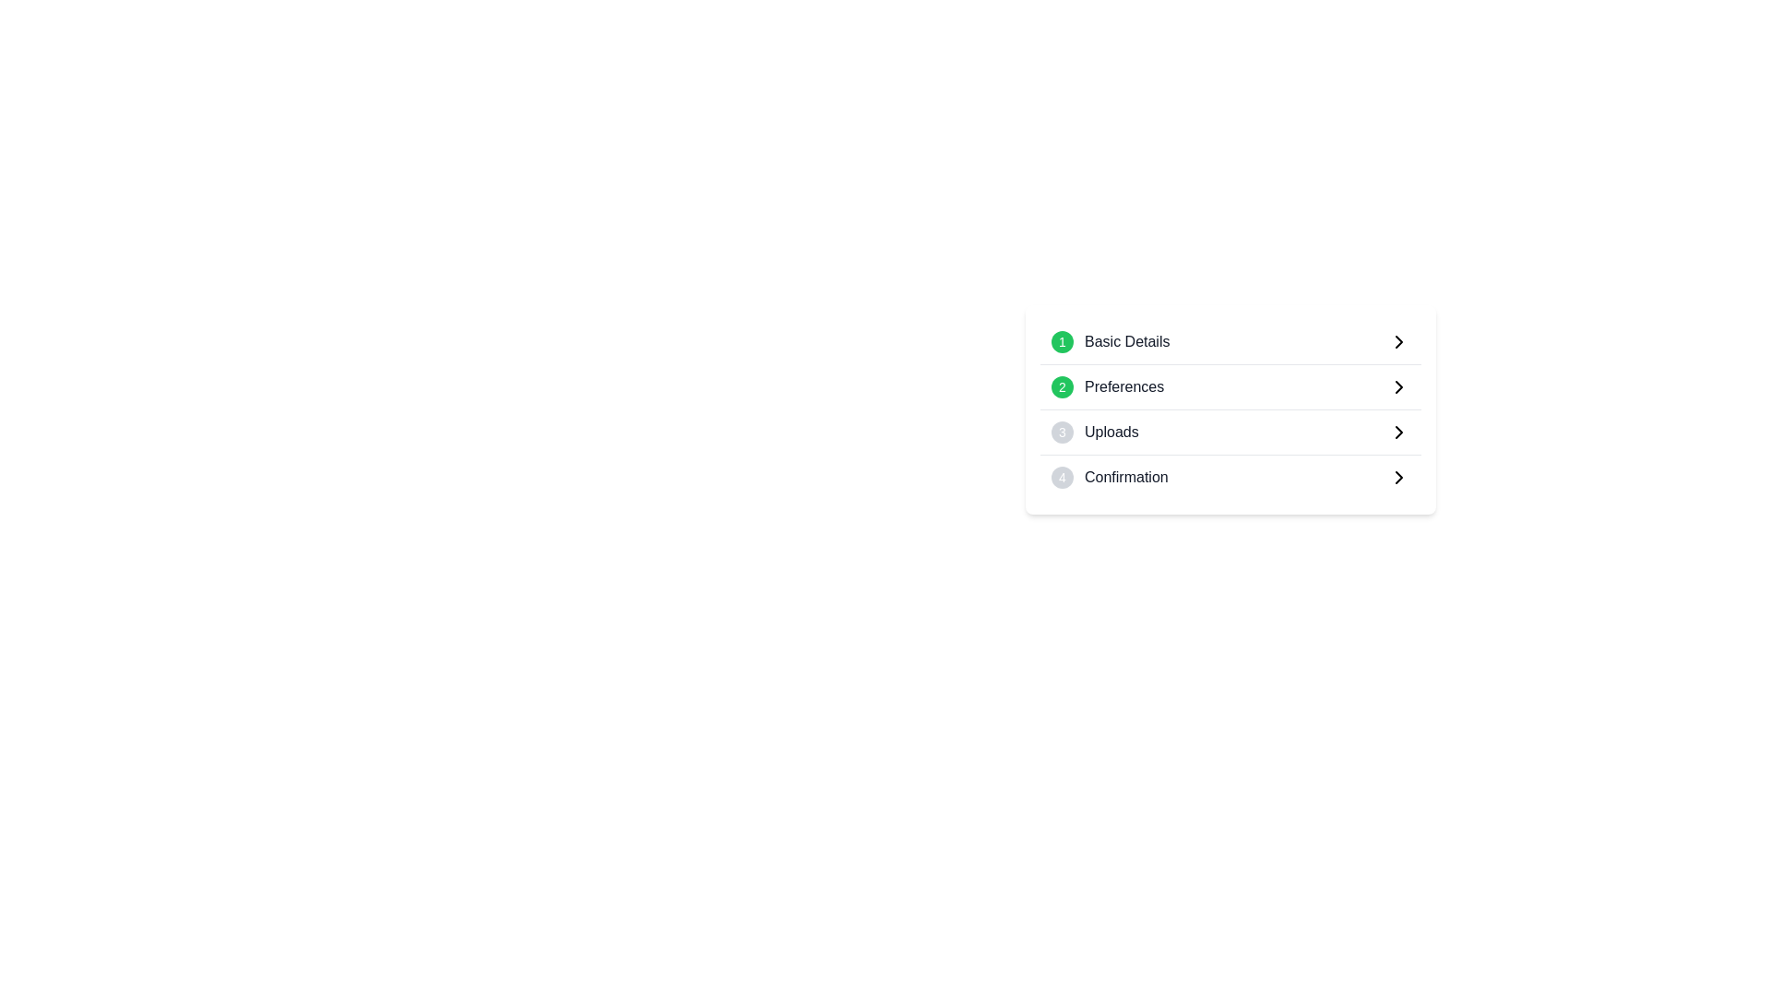 Image resolution: width=1771 pixels, height=996 pixels. What do you see at coordinates (1123, 386) in the screenshot?
I see `the navigational text label located in the second item of the vertically aligned menu list, which follows 'Basic Details' and precedes 'Uploads'` at bounding box center [1123, 386].